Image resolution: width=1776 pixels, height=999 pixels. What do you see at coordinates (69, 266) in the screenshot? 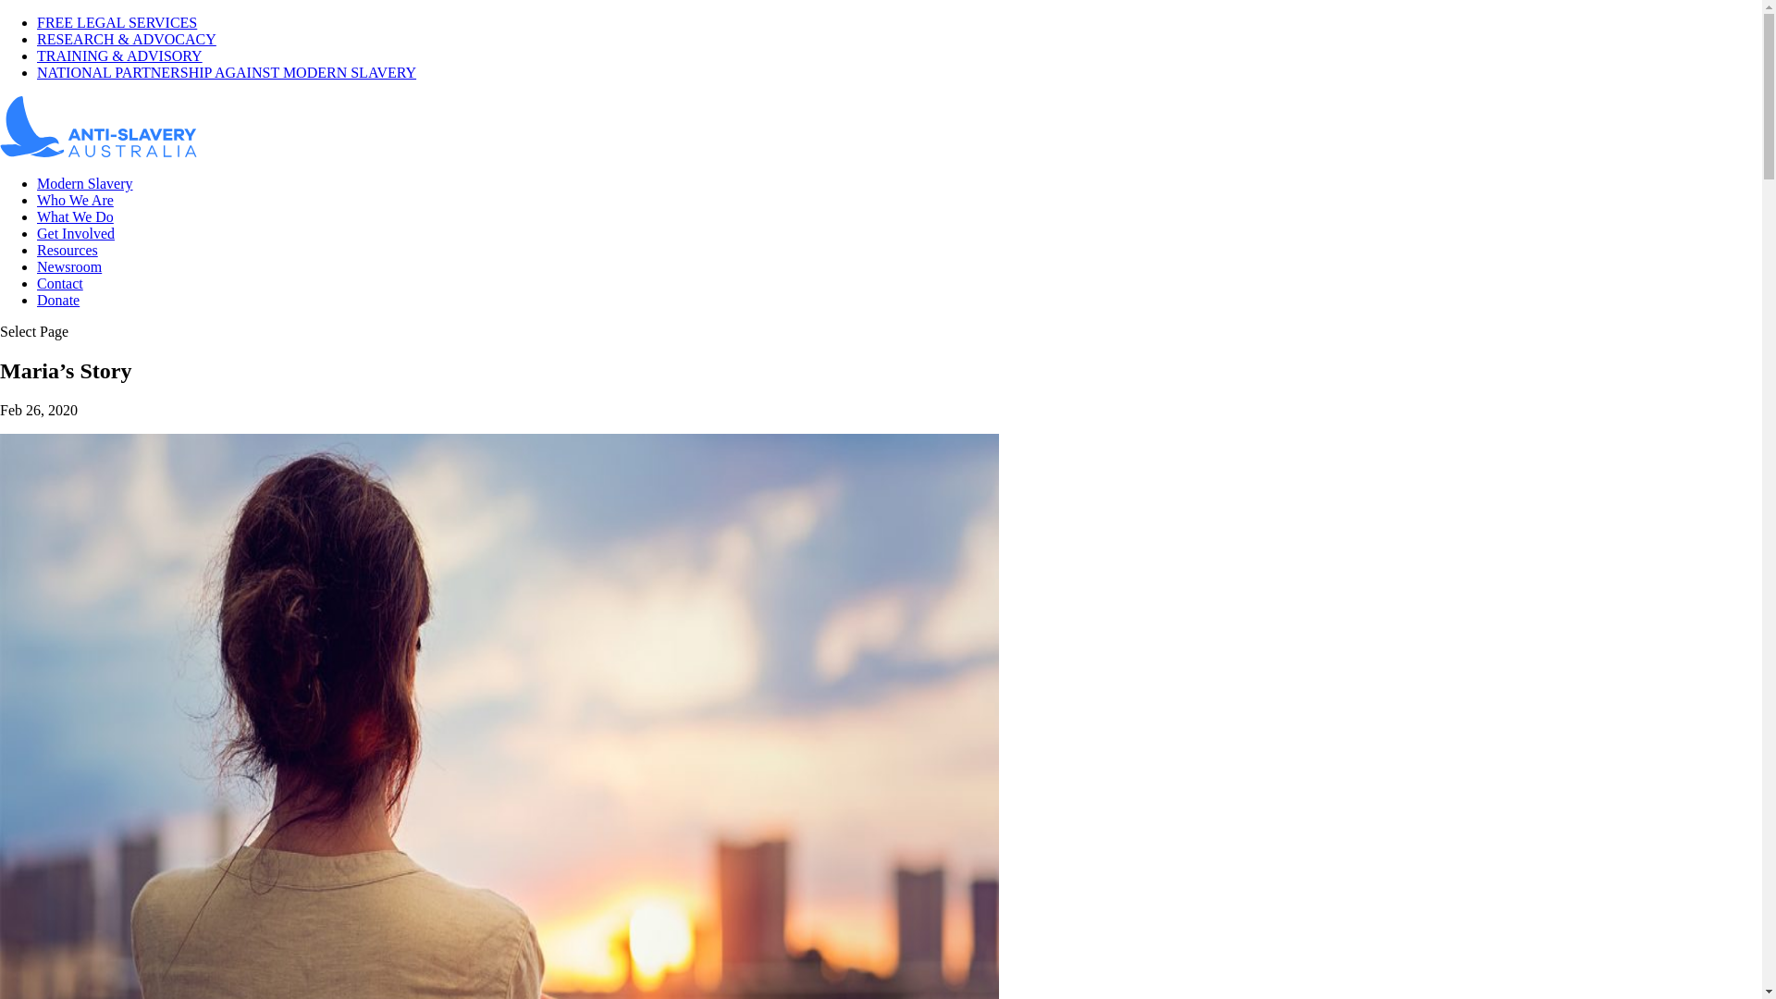
I see `'Newsroom'` at bounding box center [69, 266].